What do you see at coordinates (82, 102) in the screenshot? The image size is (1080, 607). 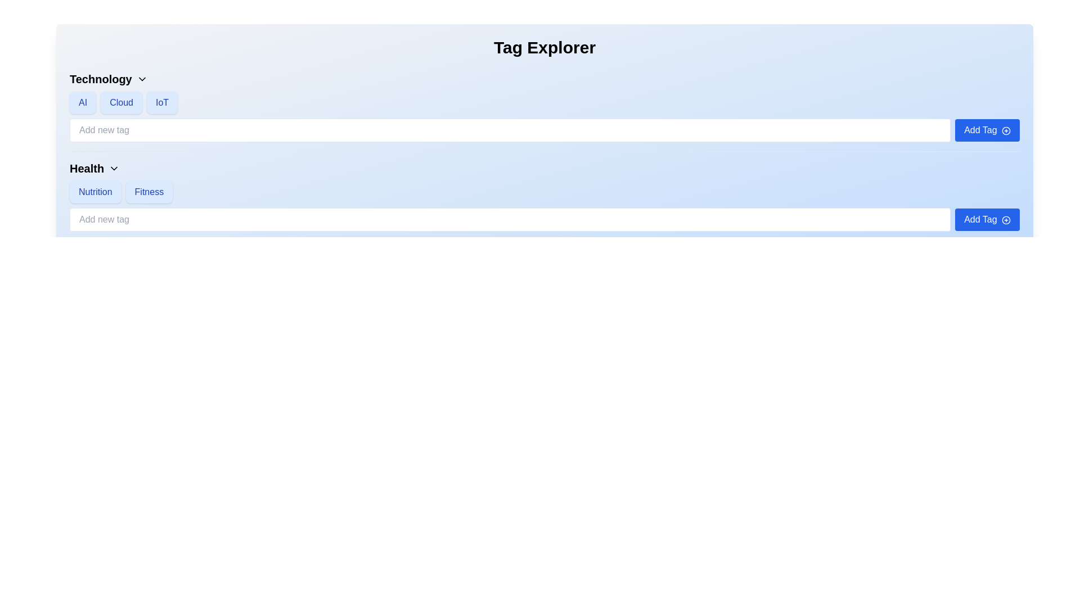 I see `the first button in the 'Technology' section that represents a tag for categorizing content related to 'AI'` at bounding box center [82, 102].